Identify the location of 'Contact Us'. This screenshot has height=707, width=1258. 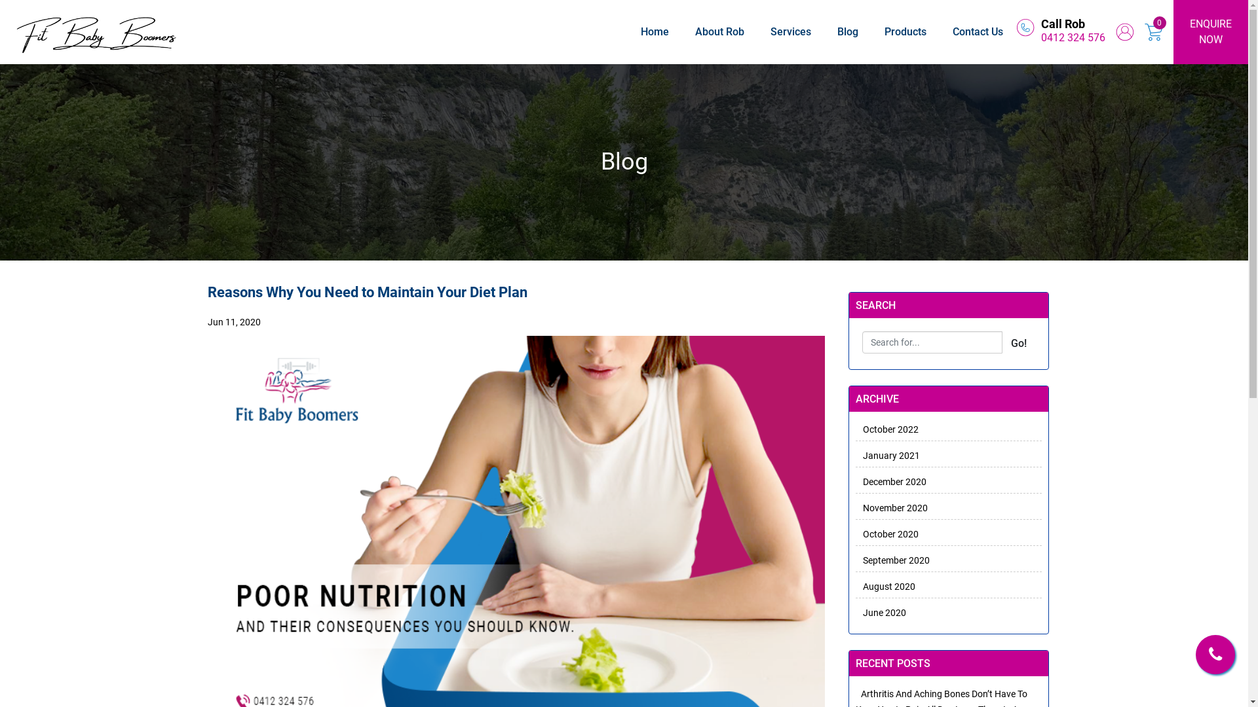
(978, 31).